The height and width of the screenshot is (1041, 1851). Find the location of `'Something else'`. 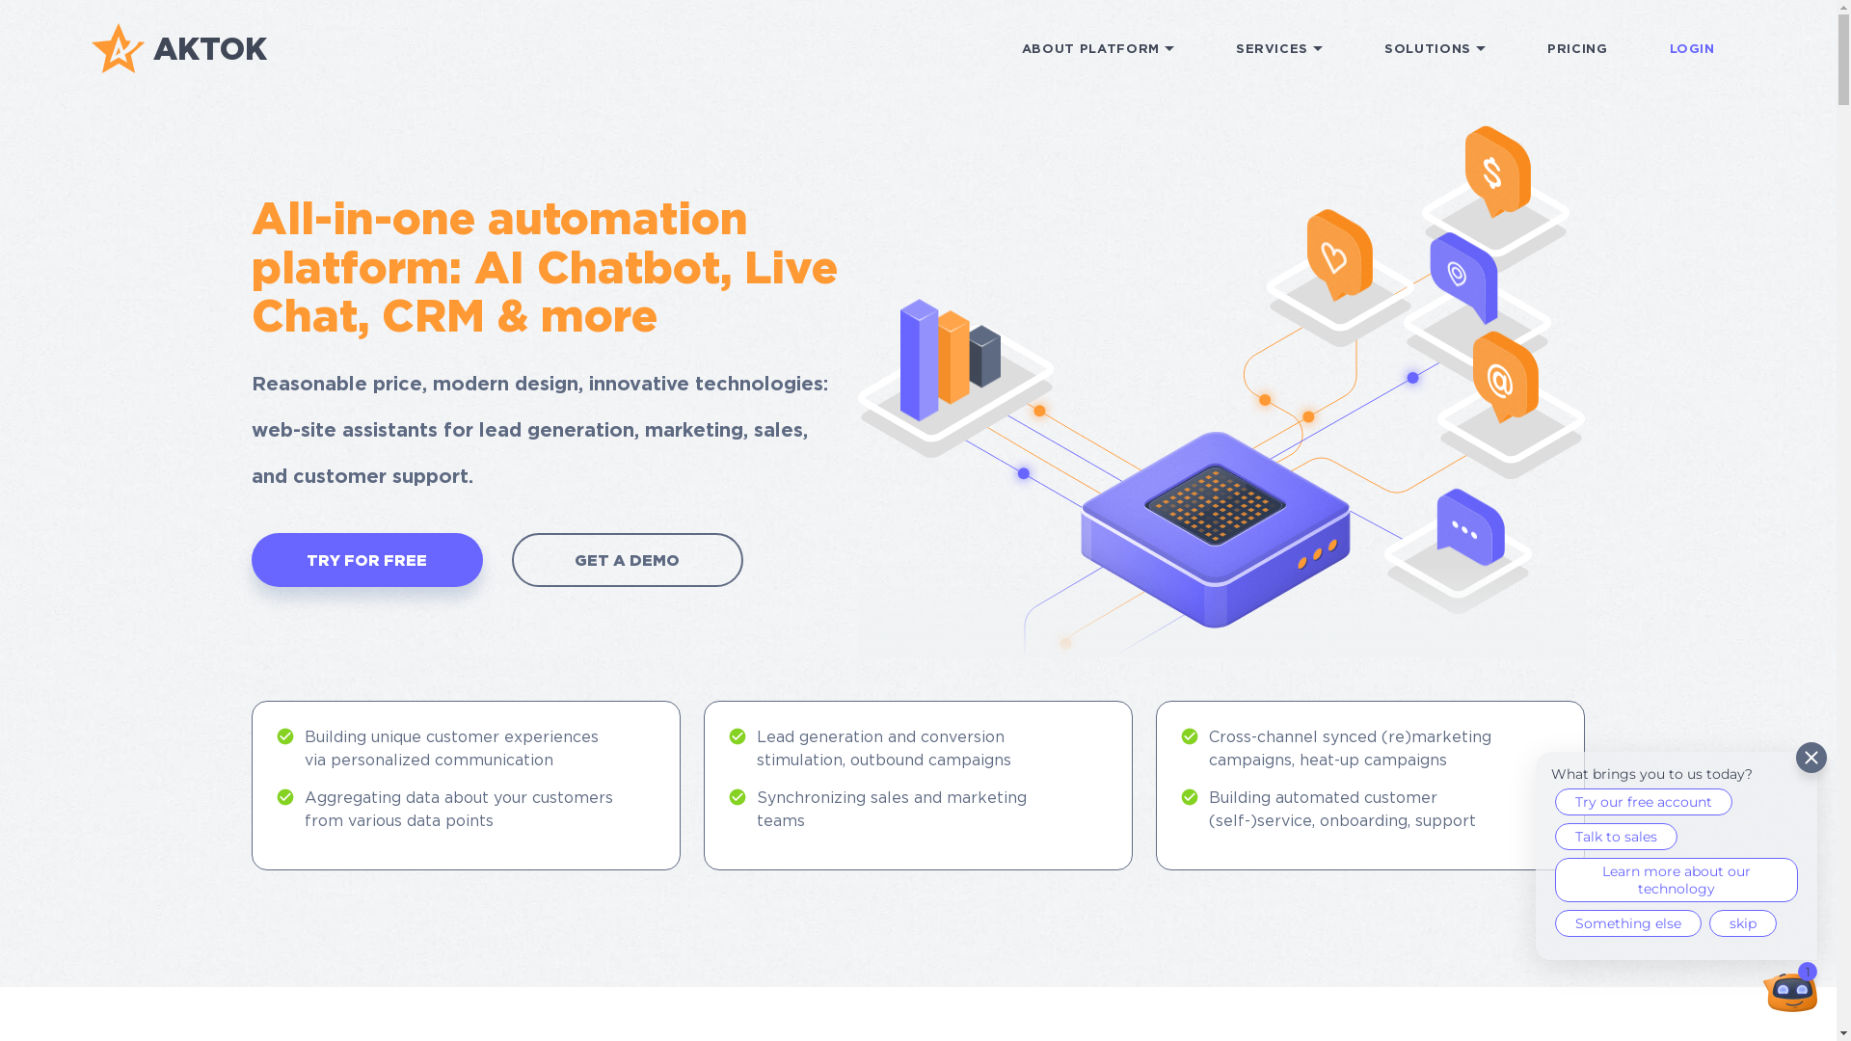

'Something else' is located at coordinates (1627, 921).